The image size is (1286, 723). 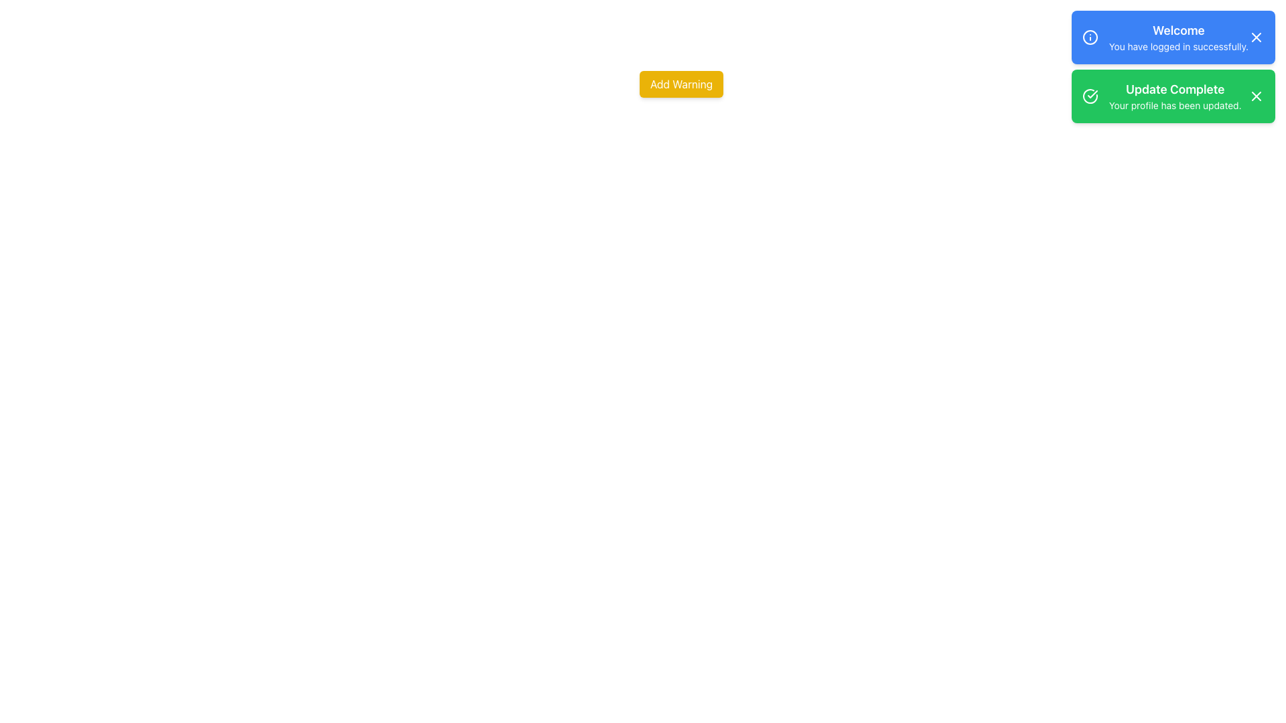 What do you see at coordinates (1256, 37) in the screenshot?
I see `the Icon Button at the rightmost end of the blue notification banner` at bounding box center [1256, 37].